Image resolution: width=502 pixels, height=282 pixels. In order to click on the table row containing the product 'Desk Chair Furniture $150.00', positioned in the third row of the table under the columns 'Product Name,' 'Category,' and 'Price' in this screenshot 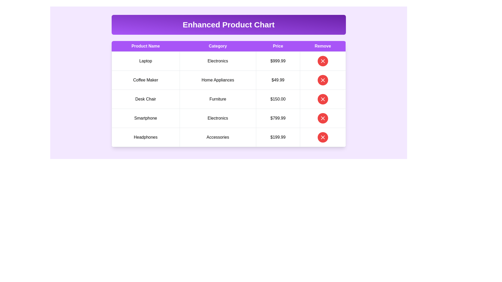, I will do `click(229, 99)`.